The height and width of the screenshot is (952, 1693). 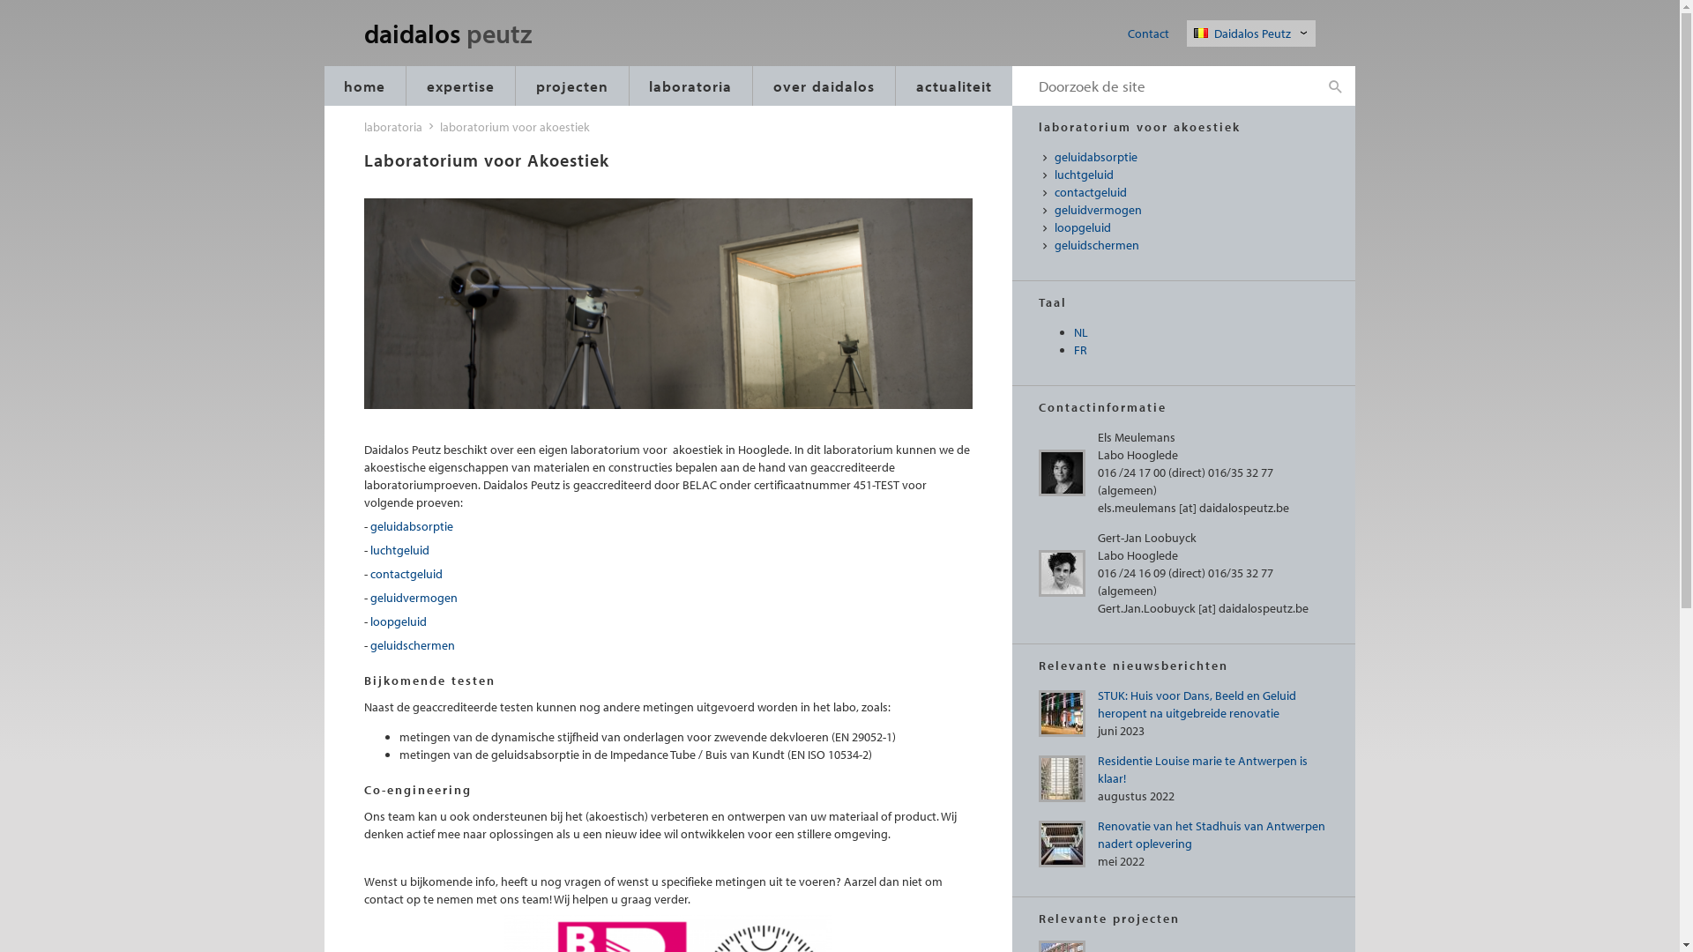 I want to click on 'Daidalos Peutz', so click(x=1253, y=33).